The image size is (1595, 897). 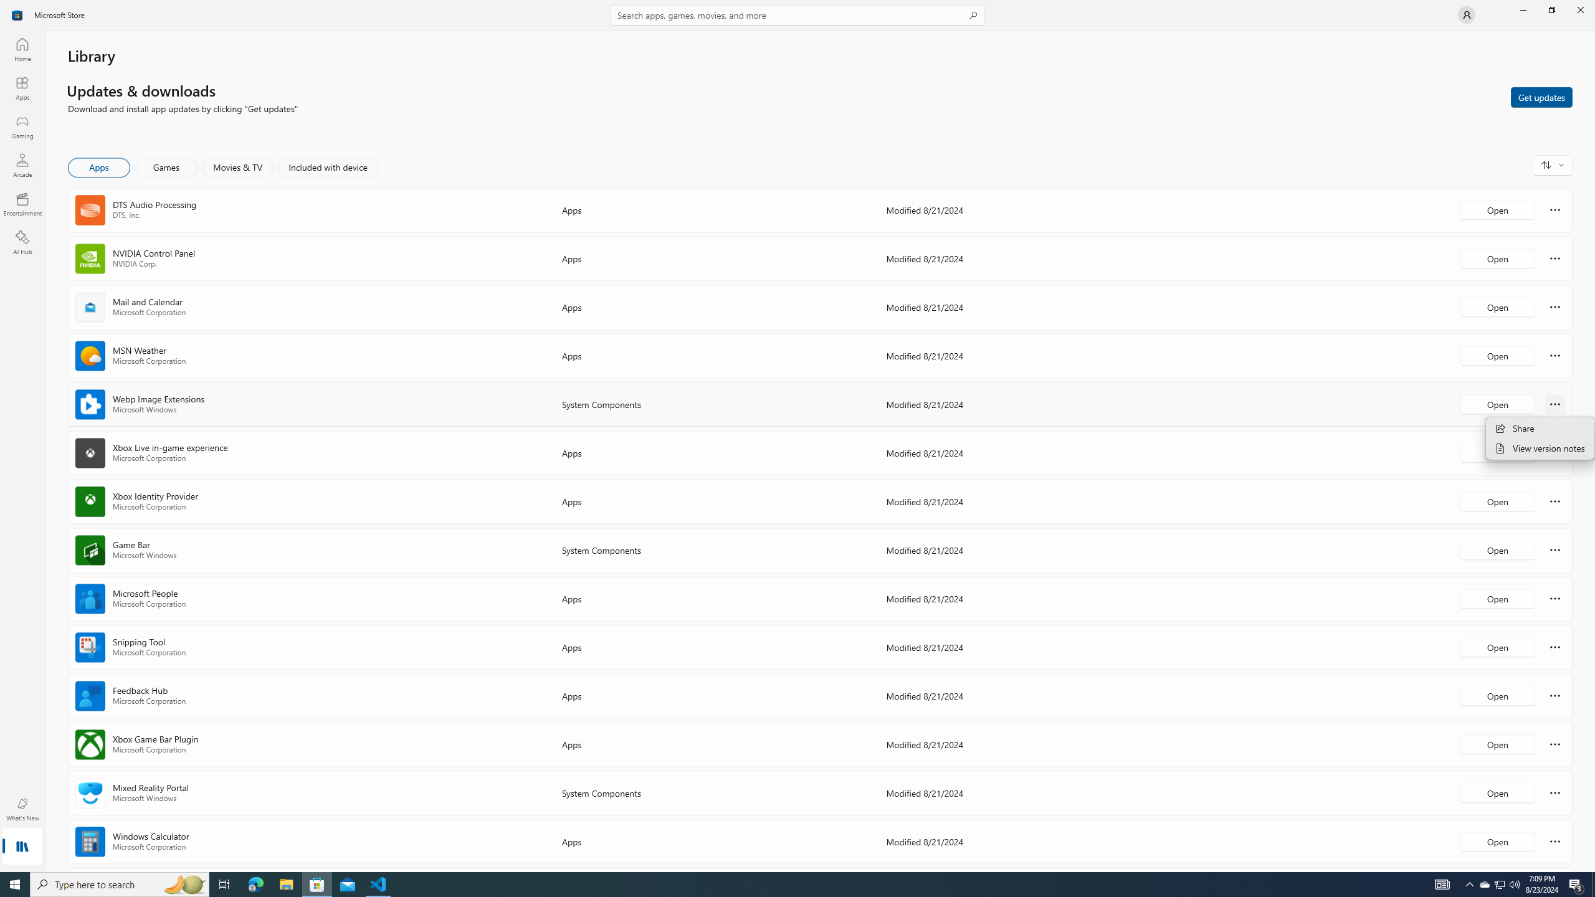 I want to click on 'What', so click(x=21, y=809).